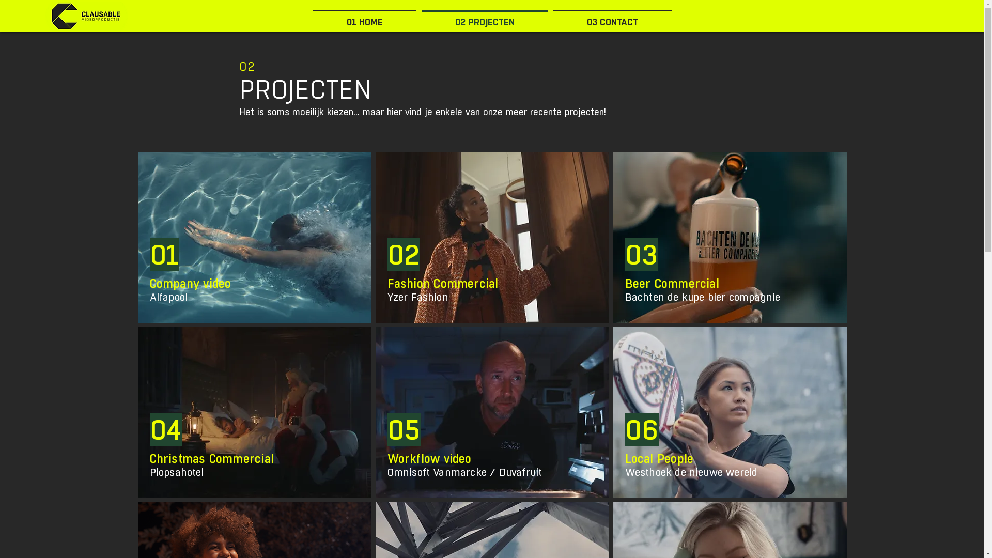 The width and height of the screenshot is (992, 558). Describe the element at coordinates (166, 430) in the screenshot. I see `'04'` at that location.